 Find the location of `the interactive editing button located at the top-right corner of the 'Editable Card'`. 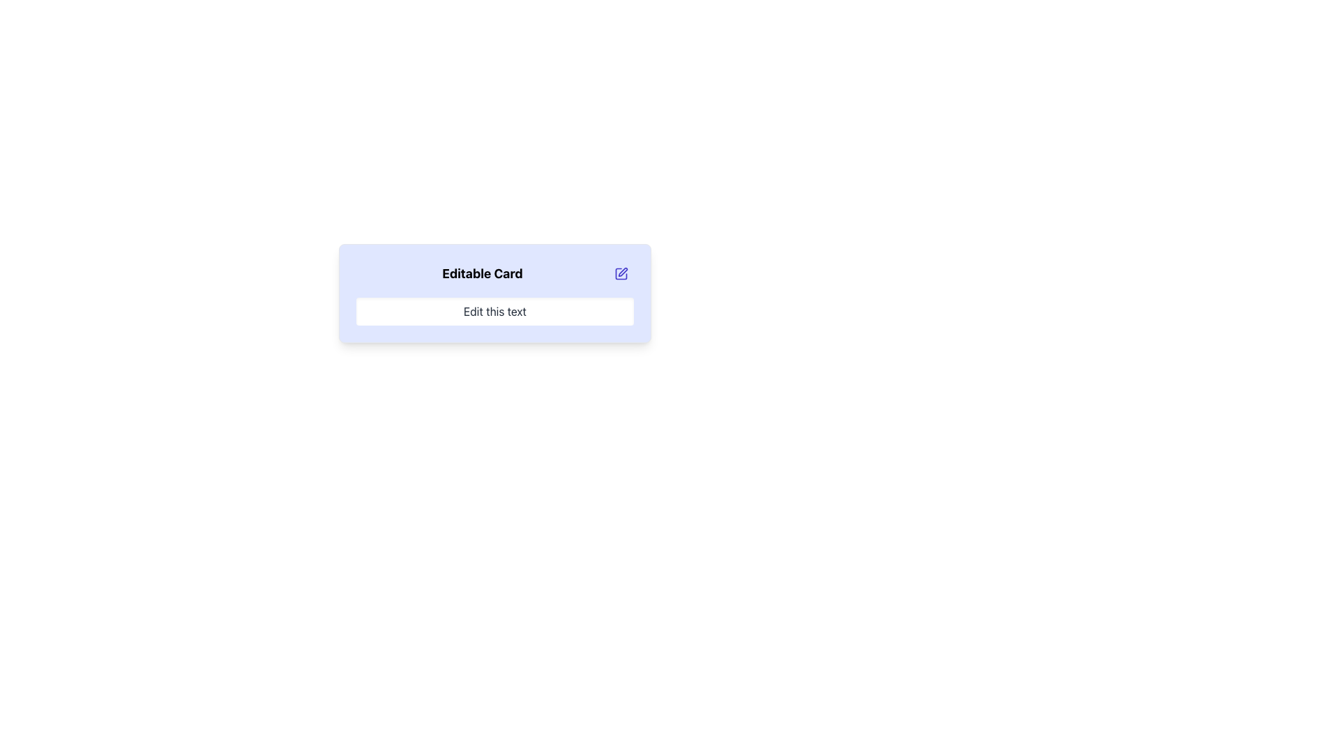

the interactive editing button located at the top-right corner of the 'Editable Card' is located at coordinates (621, 274).